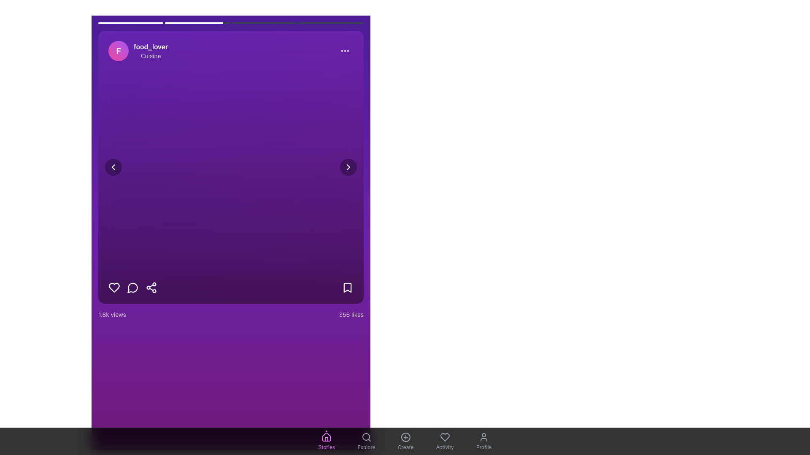 This screenshot has width=810, height=455. Describe the element at coordinates (484, 441) in the screenshot. I see `the Navigation Button for the Profile section, which features a user profile icon above the text 'Profile' in a small font, located as the fifth item in the bottom navigation bar` at that location.